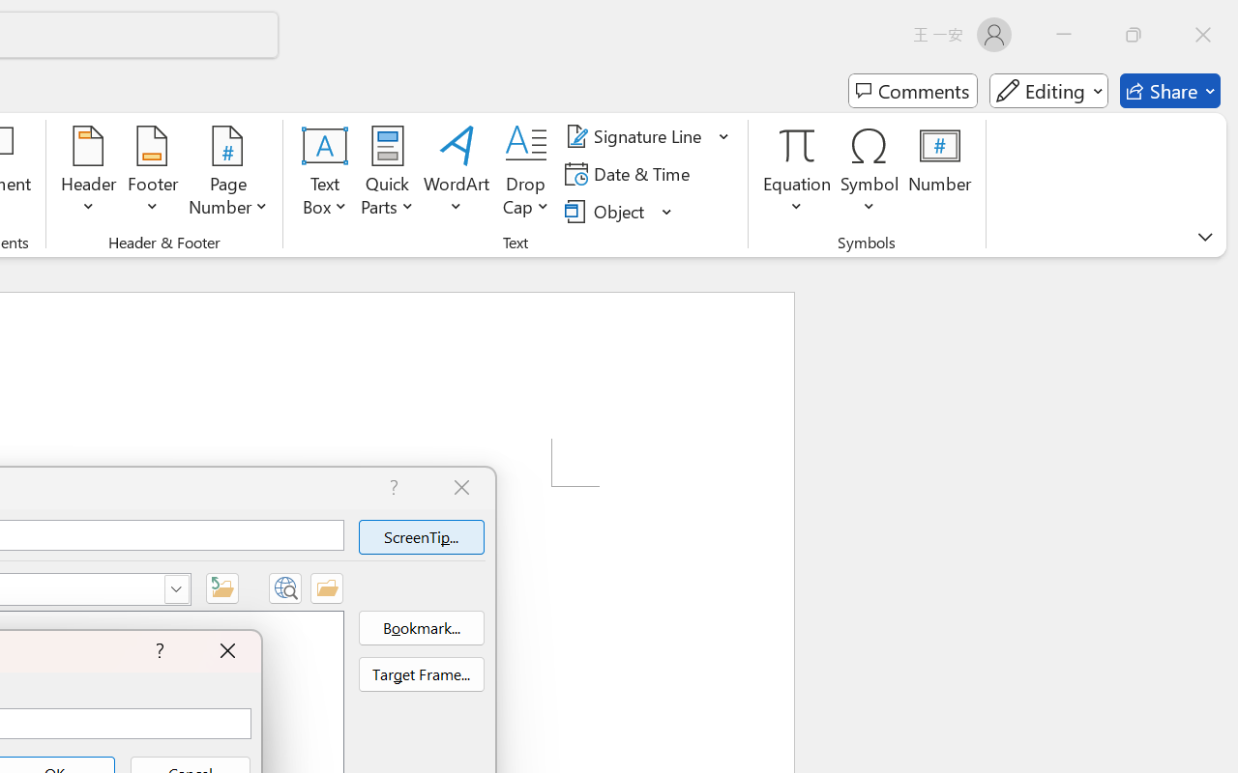  What do you see at coordinates (940, 173) in the screenshot?
I see `'Number...'` at bounding box center [940, 173].